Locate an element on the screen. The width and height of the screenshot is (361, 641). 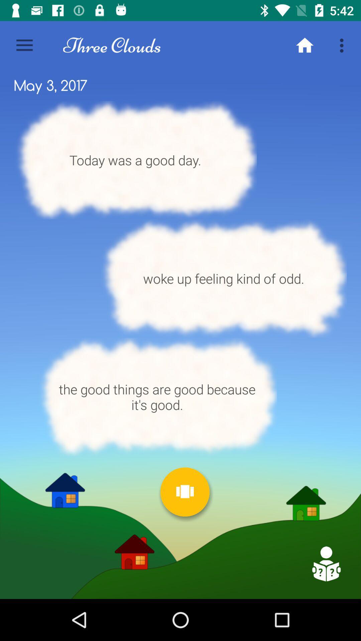
explore the content is located at coordinates (326, 564).